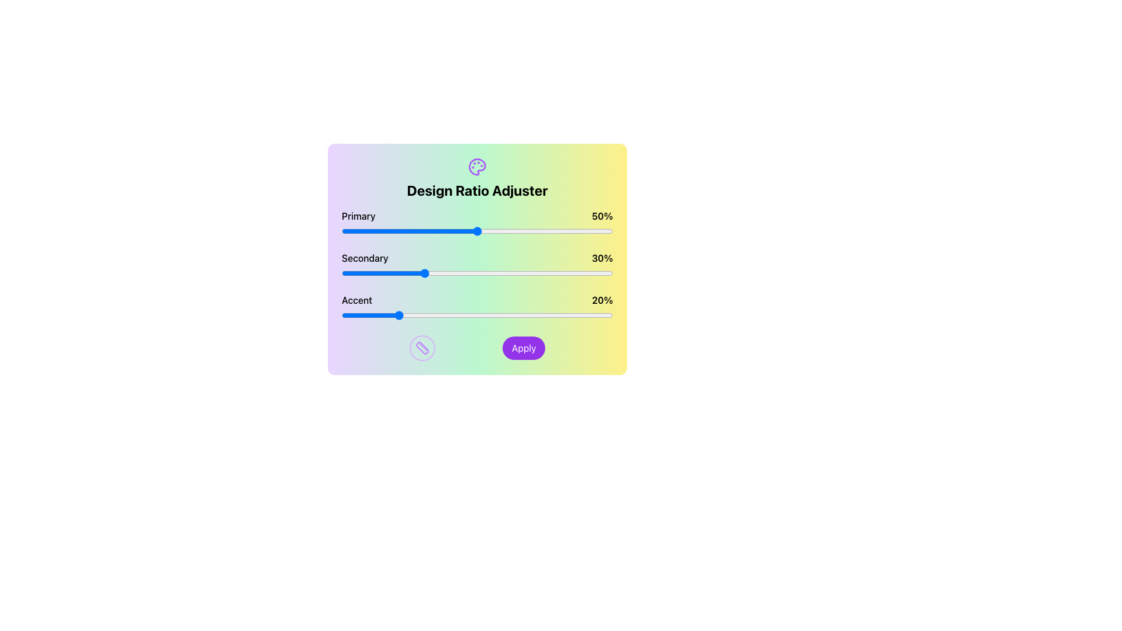 The height and width of the screenshot is (631, 1122). I want to click on the secondary slider value, so click(449, 273).